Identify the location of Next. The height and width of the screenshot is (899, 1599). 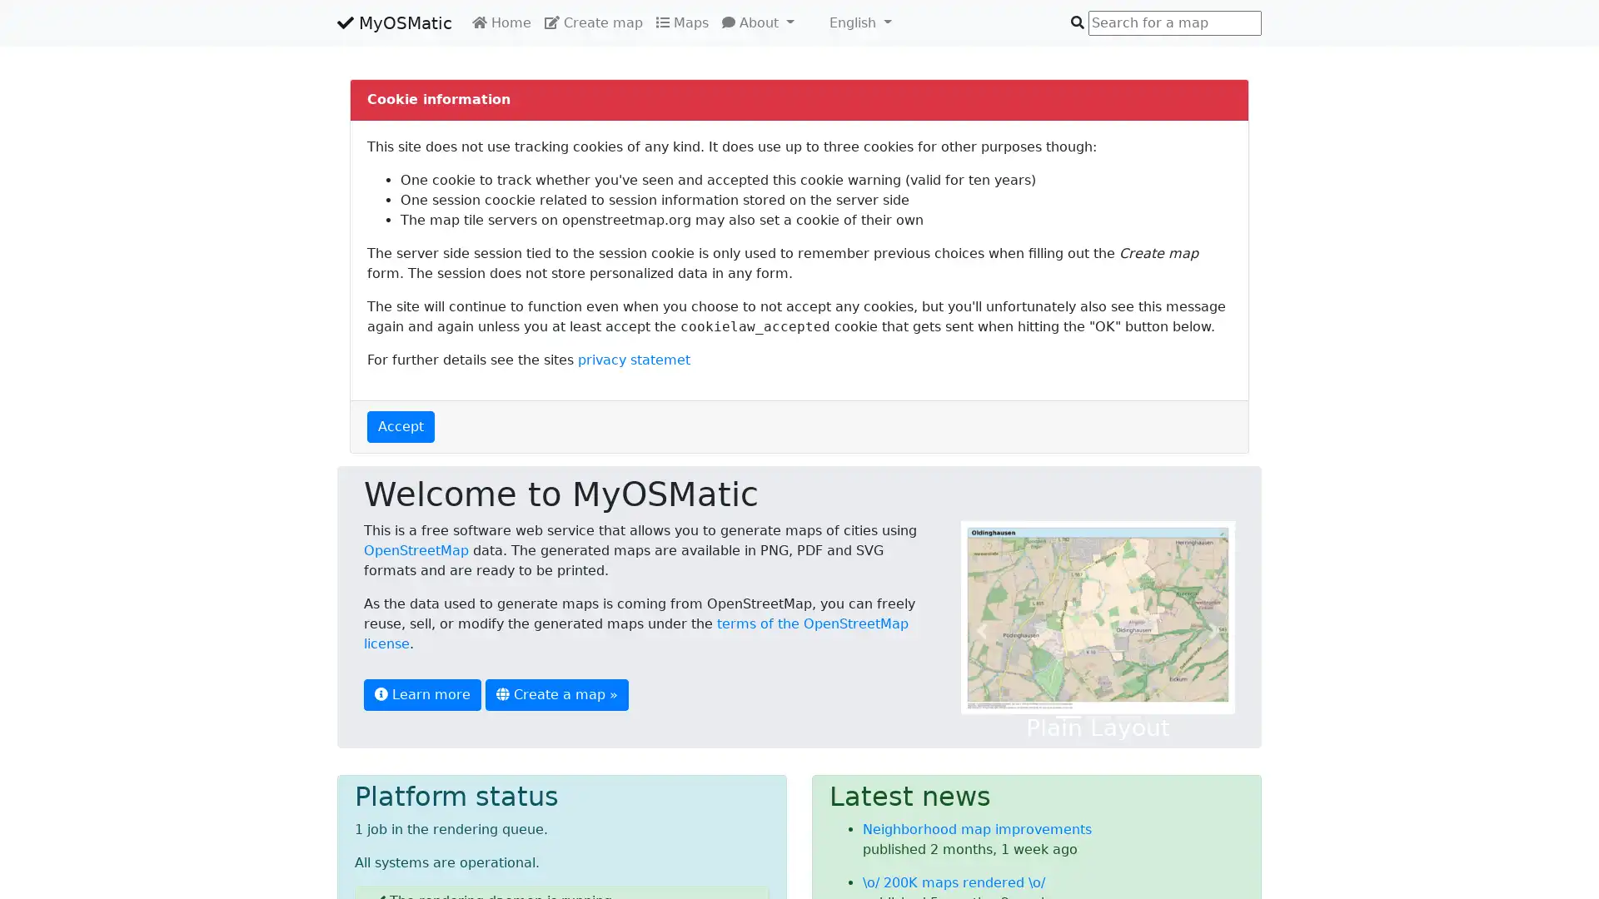
(1213, 631).